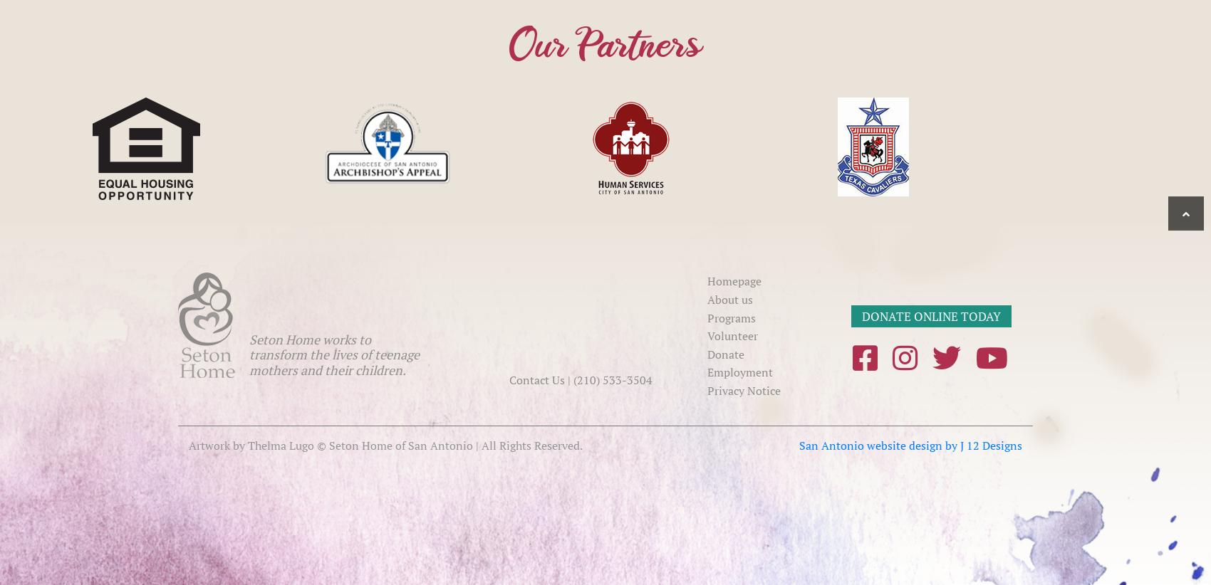  I want to click on 'Volunteer', so click(731, 335).